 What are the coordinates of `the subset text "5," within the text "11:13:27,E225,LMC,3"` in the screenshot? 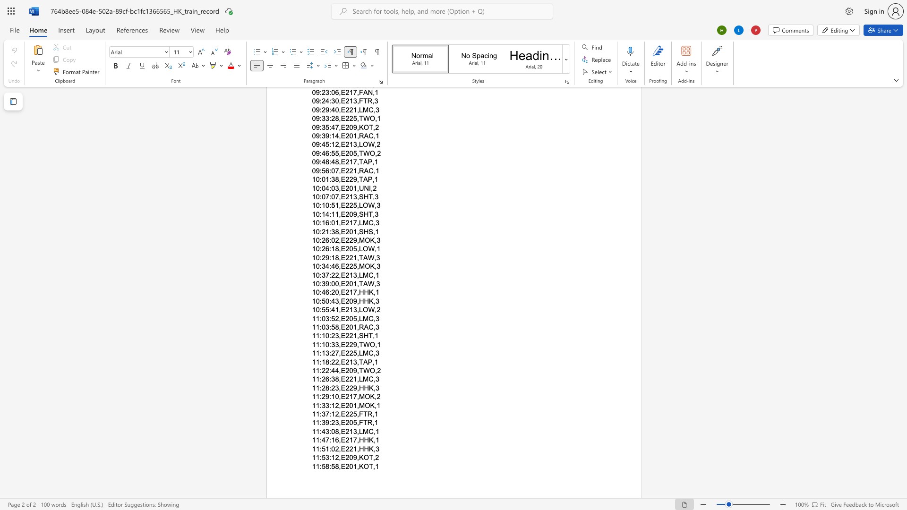 It's located at (352, 353).